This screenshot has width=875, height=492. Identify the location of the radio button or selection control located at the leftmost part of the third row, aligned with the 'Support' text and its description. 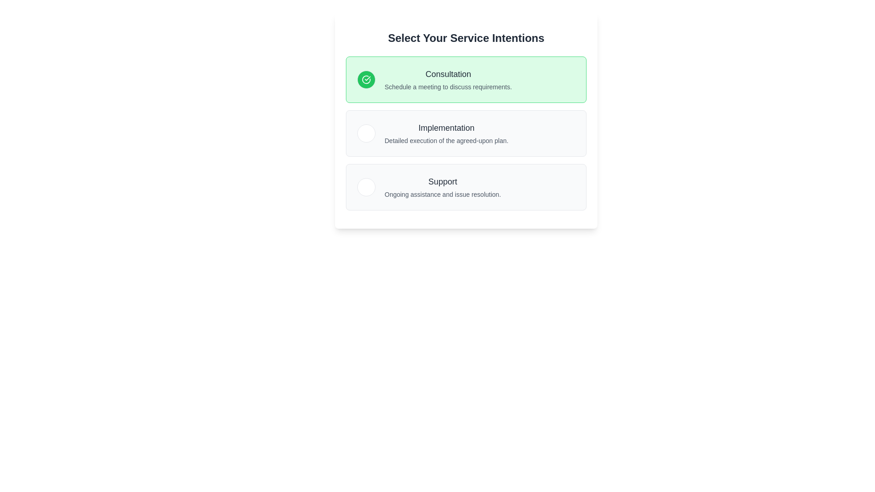
(366, 187).